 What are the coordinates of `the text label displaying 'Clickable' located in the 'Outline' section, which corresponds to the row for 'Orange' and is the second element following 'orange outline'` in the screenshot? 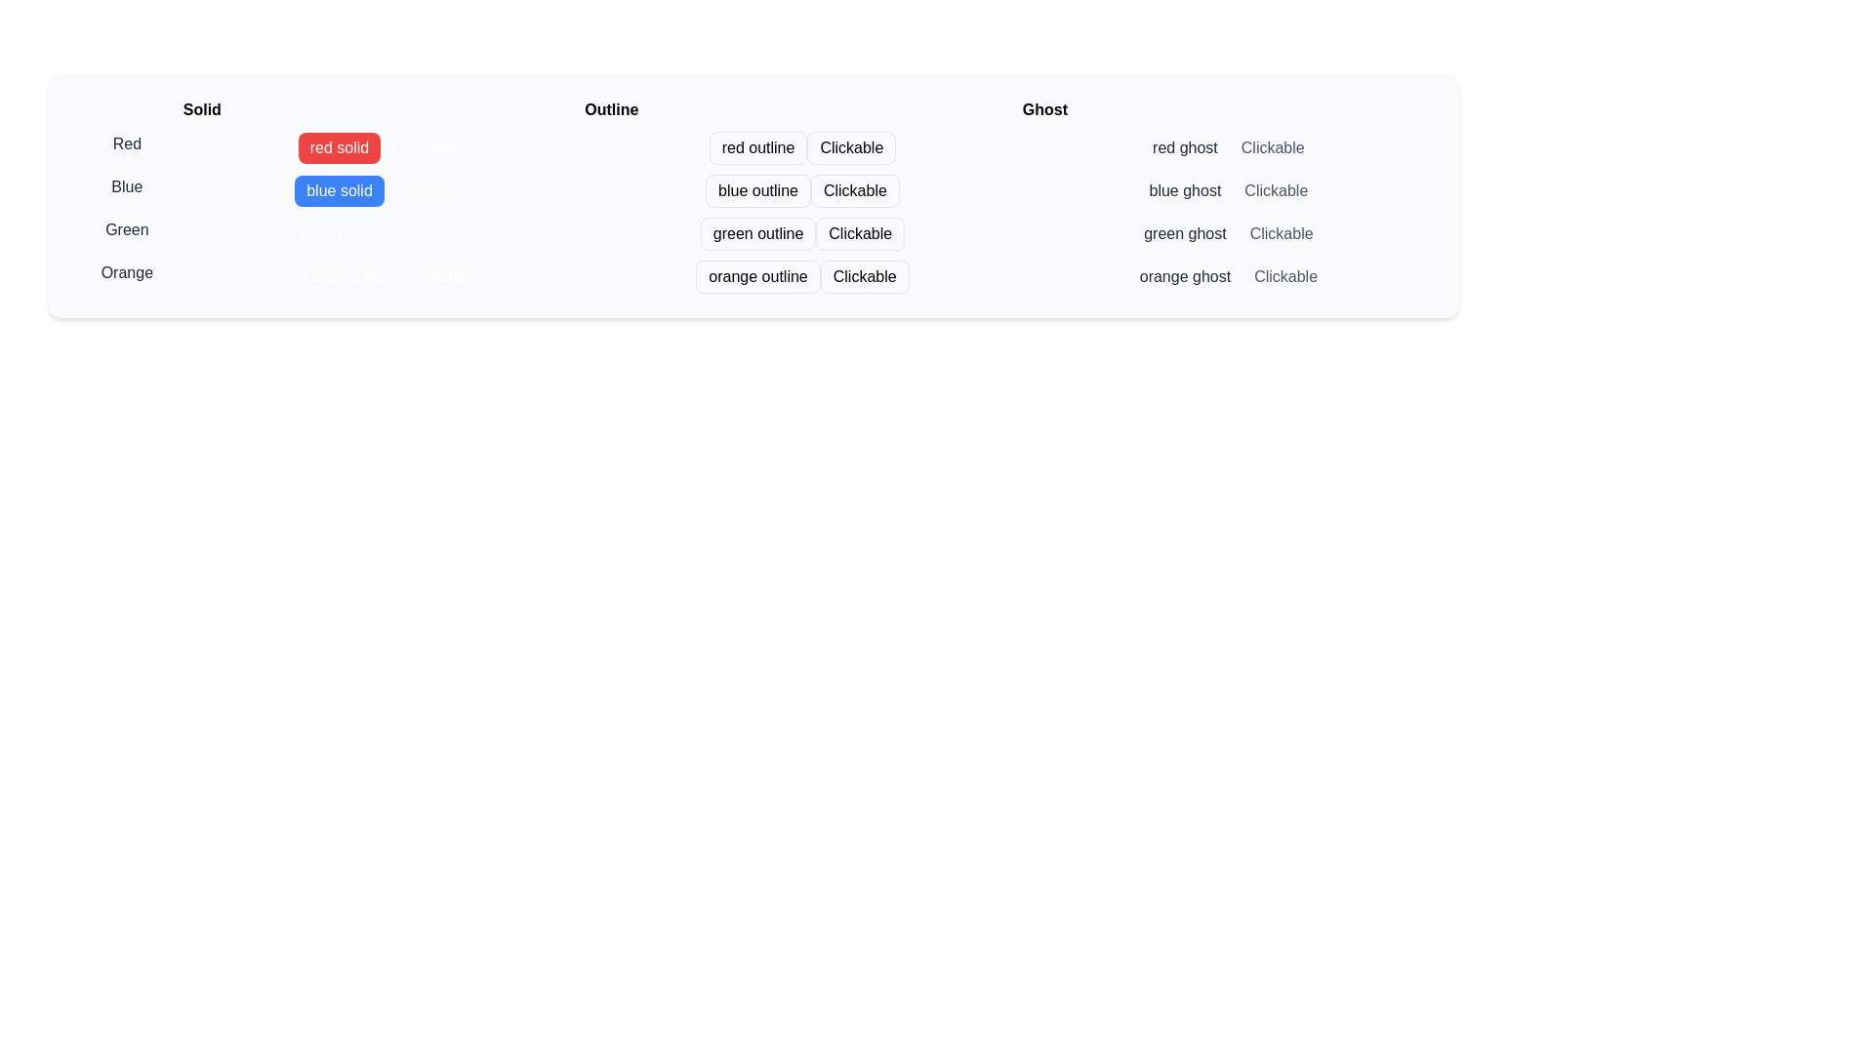 It's located at (864, 277).